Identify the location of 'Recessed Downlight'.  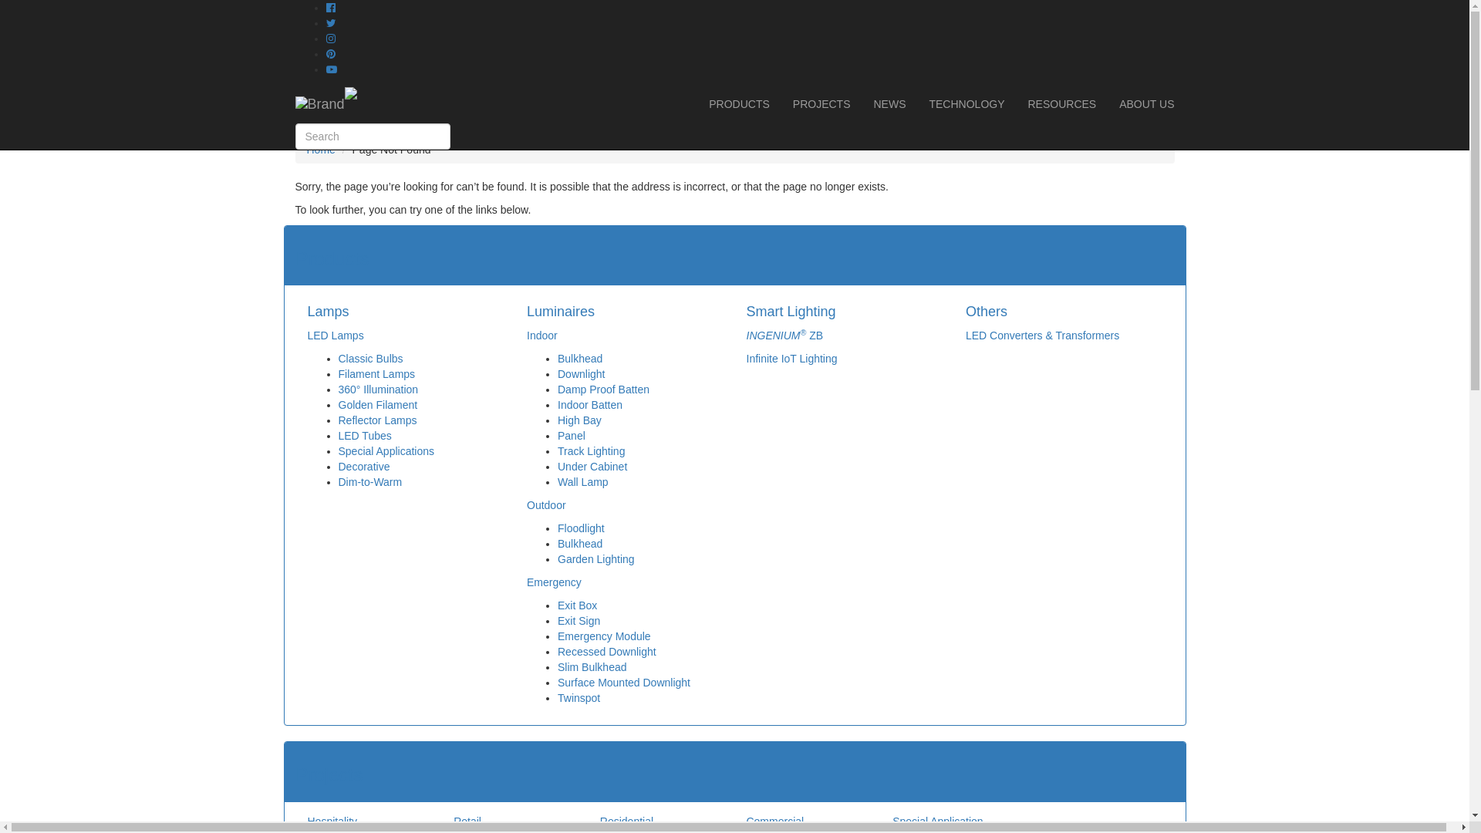
(606, 651).